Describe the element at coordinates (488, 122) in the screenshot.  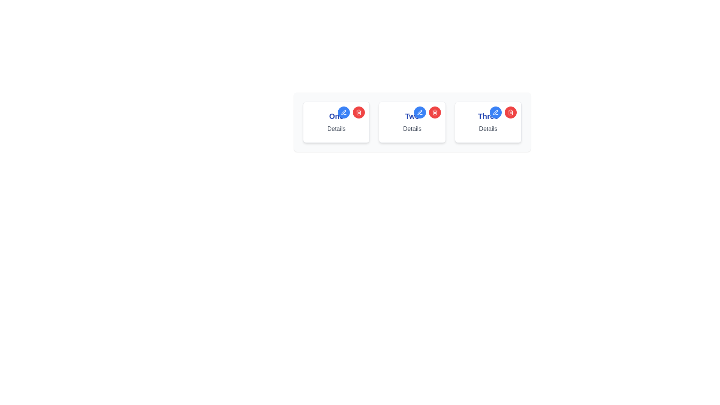
I see `the blue pencil icon located at the top-right corner of the card component labeled 'Three'` at that location.